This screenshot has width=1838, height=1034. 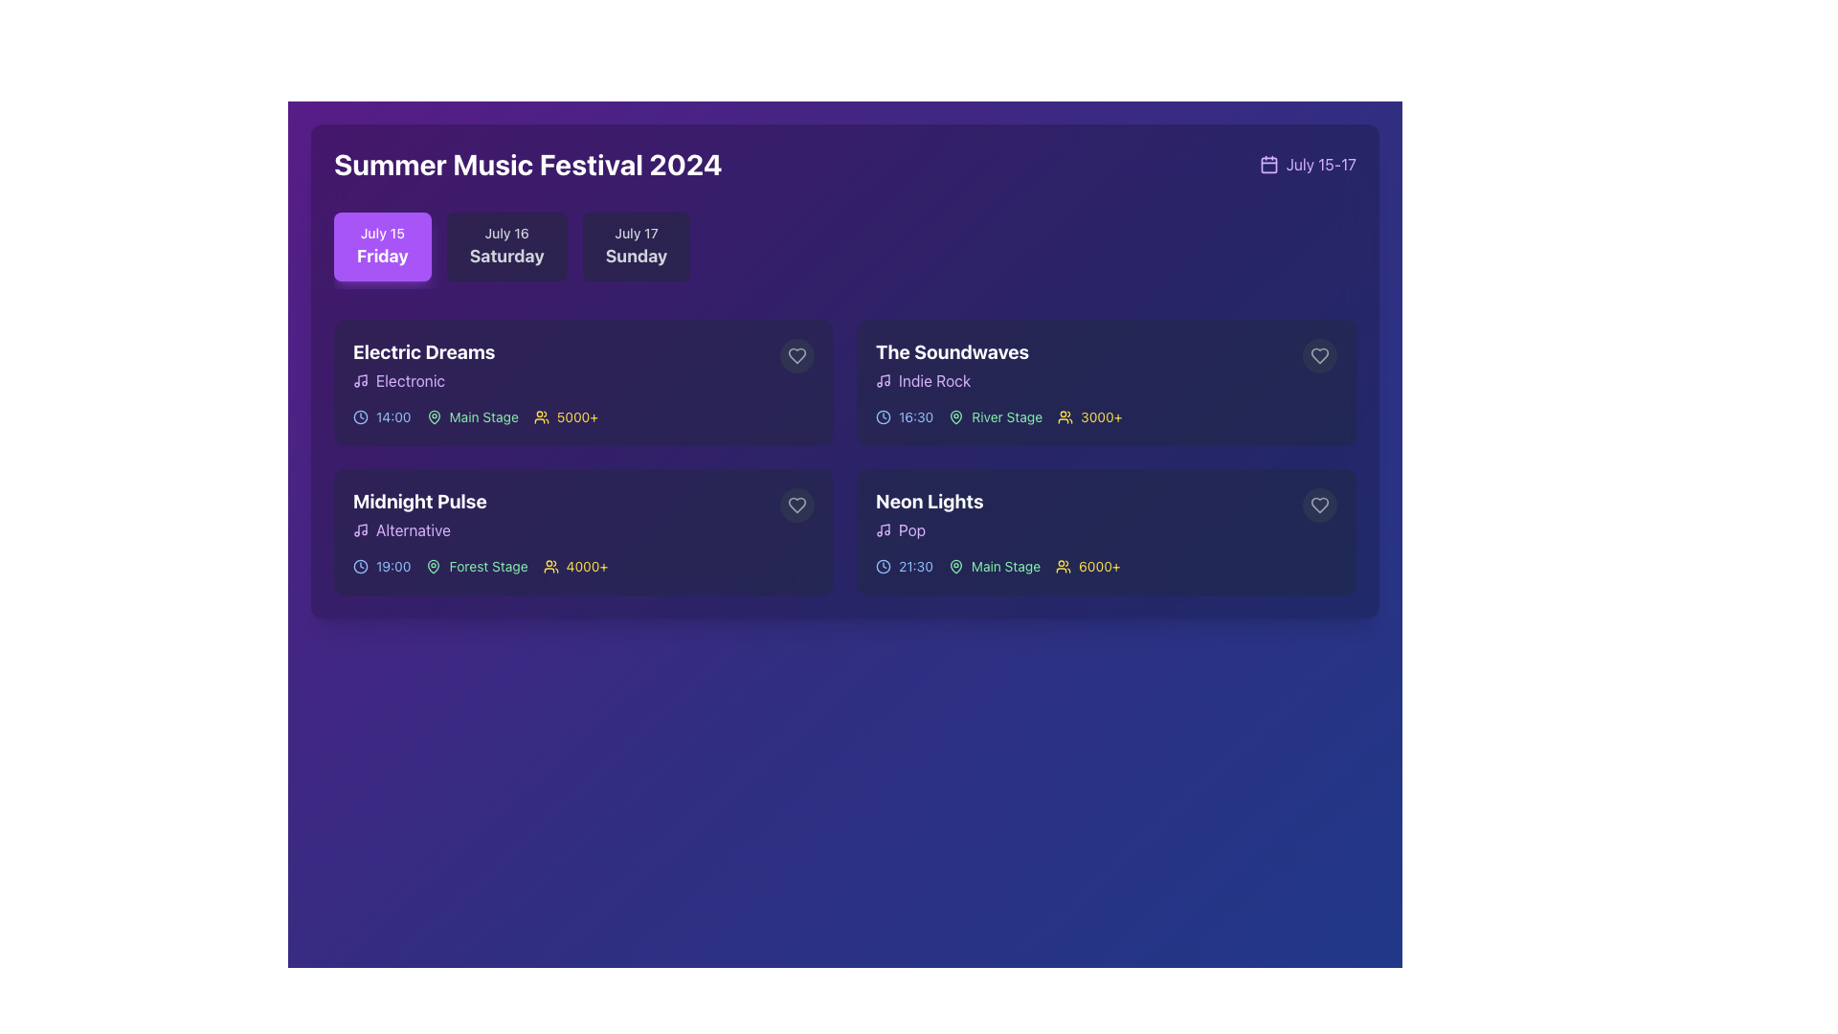 I want to click on the circular graphic element representing the outline of the clock's face located in the top-right corner of the 'Neon Lights' performance card, so click(x=882, y=565).